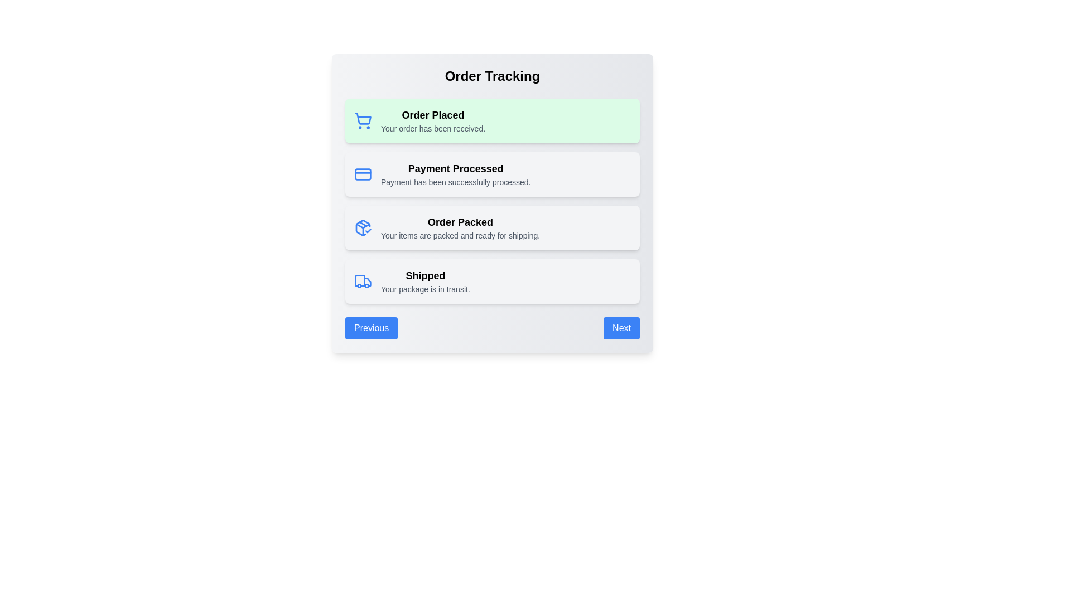 This screenshot has width=1071, height=602. Describe the element at coordinates (363, 120) in the screenshot. I see `the blue shopping cart icon located in the top-left corner of the green-highlighted 'Order Placed' panel` at that location.